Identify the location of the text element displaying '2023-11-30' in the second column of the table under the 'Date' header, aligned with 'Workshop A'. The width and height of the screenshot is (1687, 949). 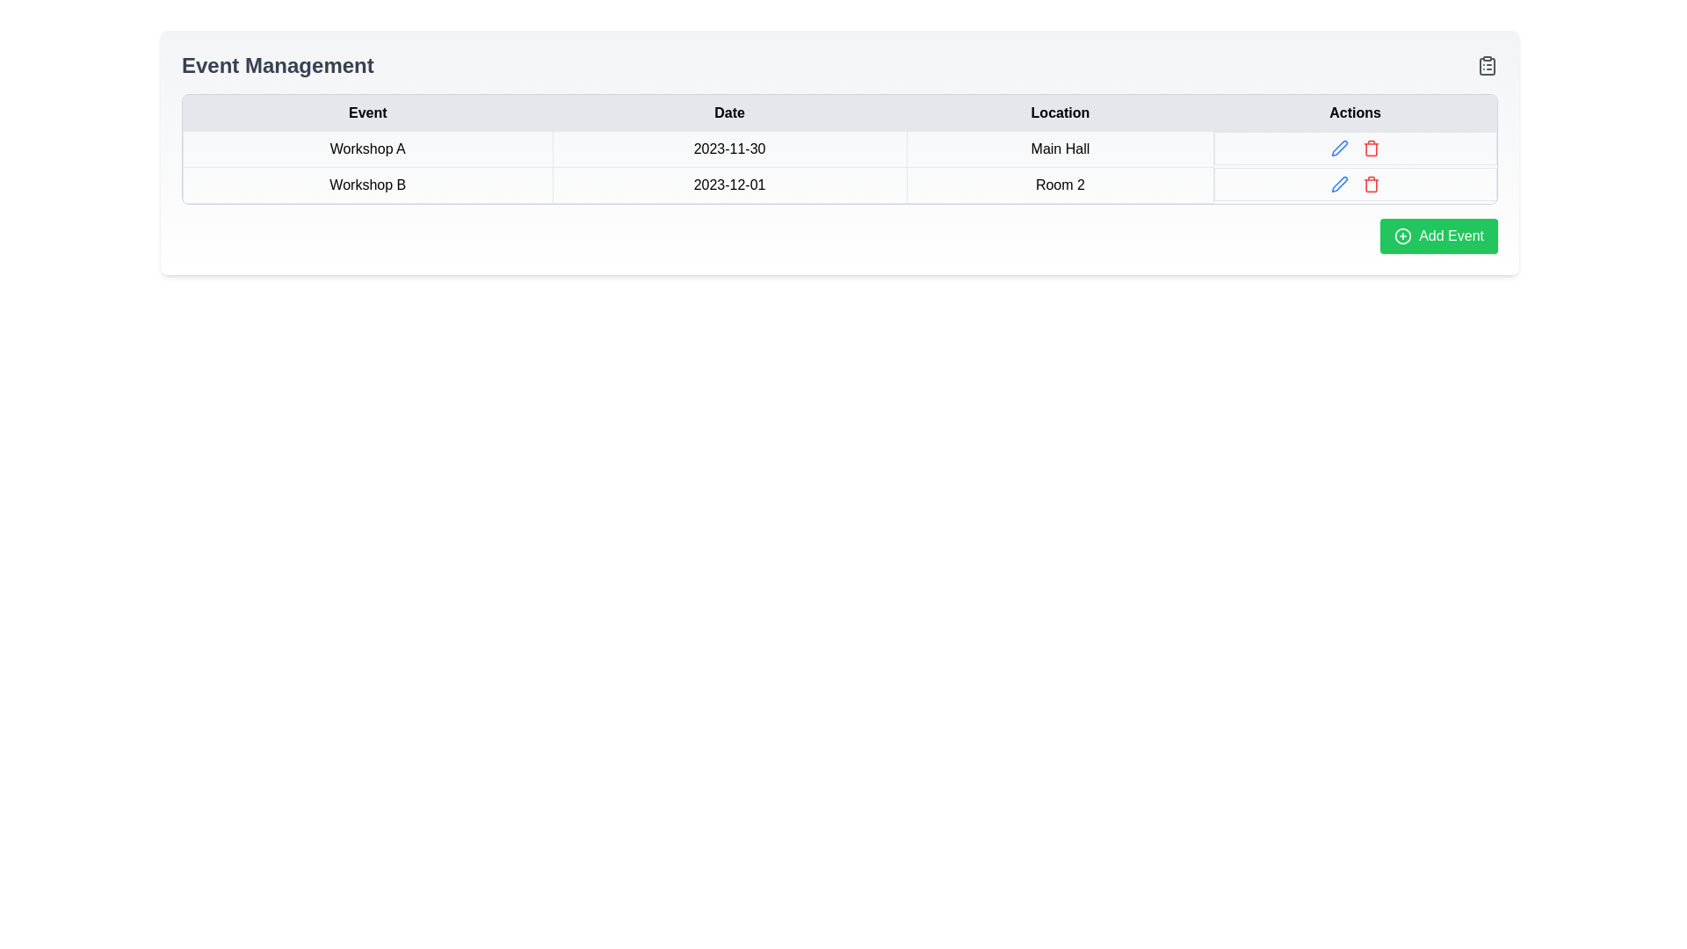
(729, 148).